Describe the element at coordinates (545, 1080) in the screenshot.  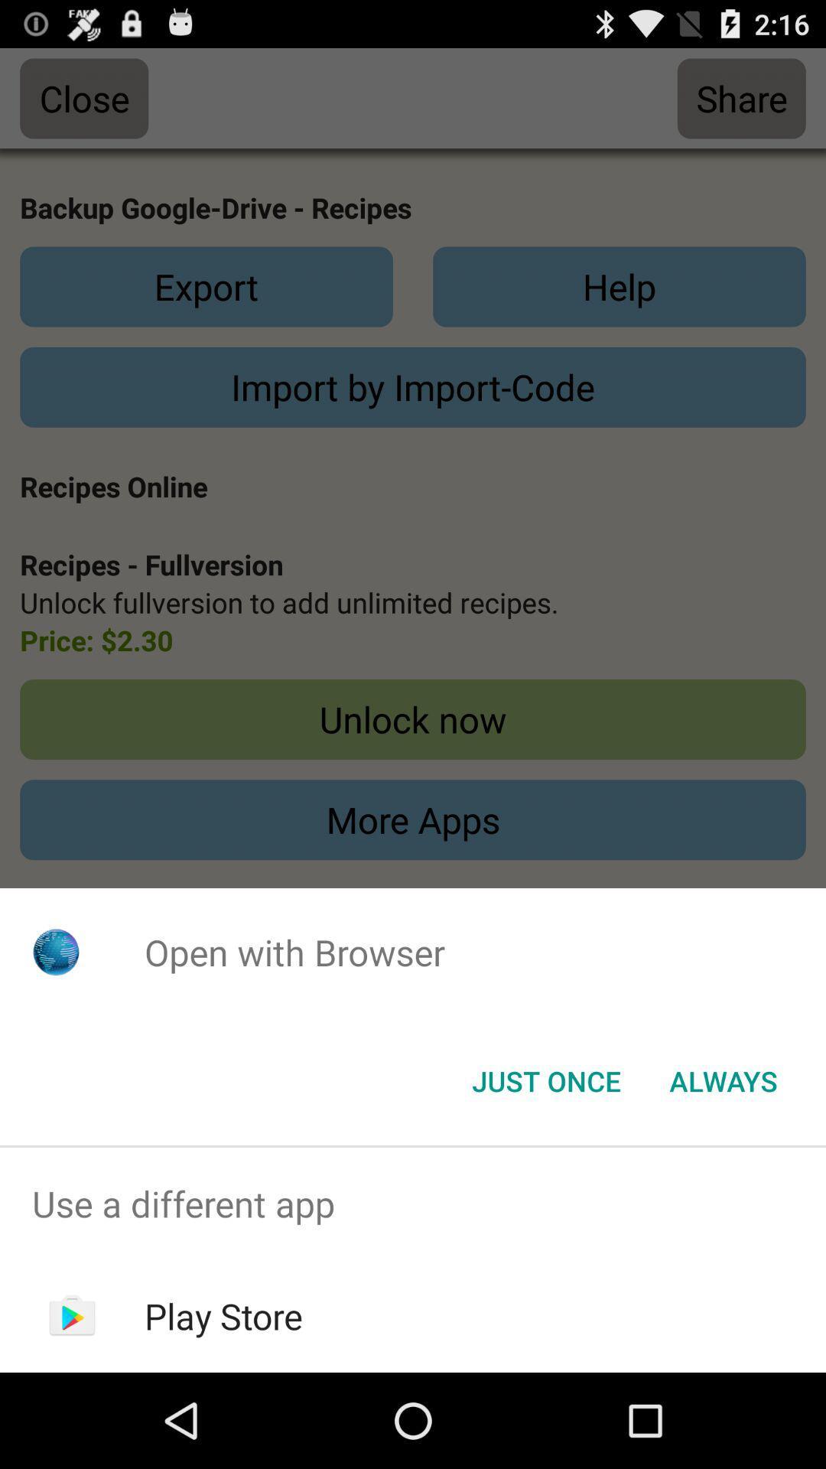
I see `button next to always icon` at that location.